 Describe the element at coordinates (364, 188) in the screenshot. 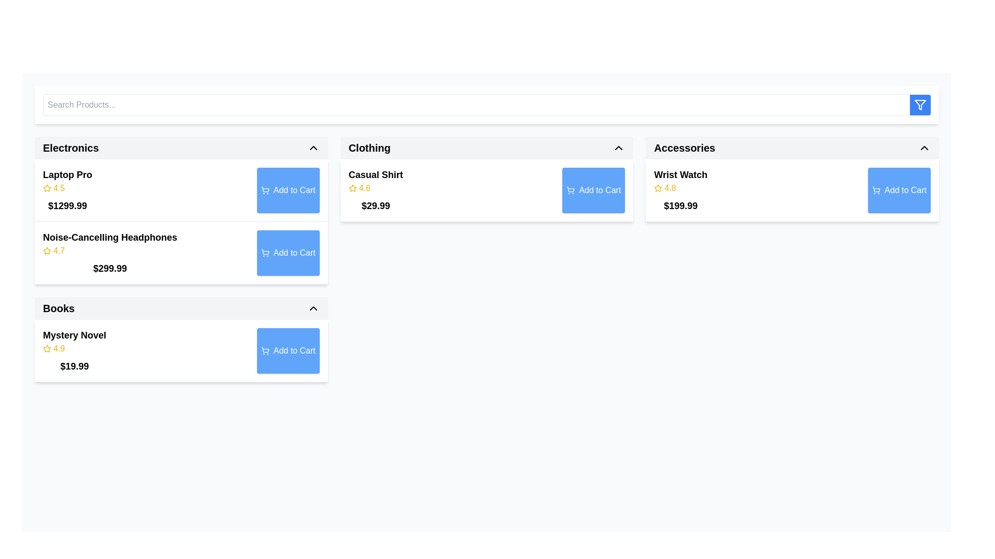

I see `the numerical text displaying '4.6' which is located to the right of a yellow star icon in the rating section for the 'Casual Shirt' product under the 'Clothing' category` at that location.